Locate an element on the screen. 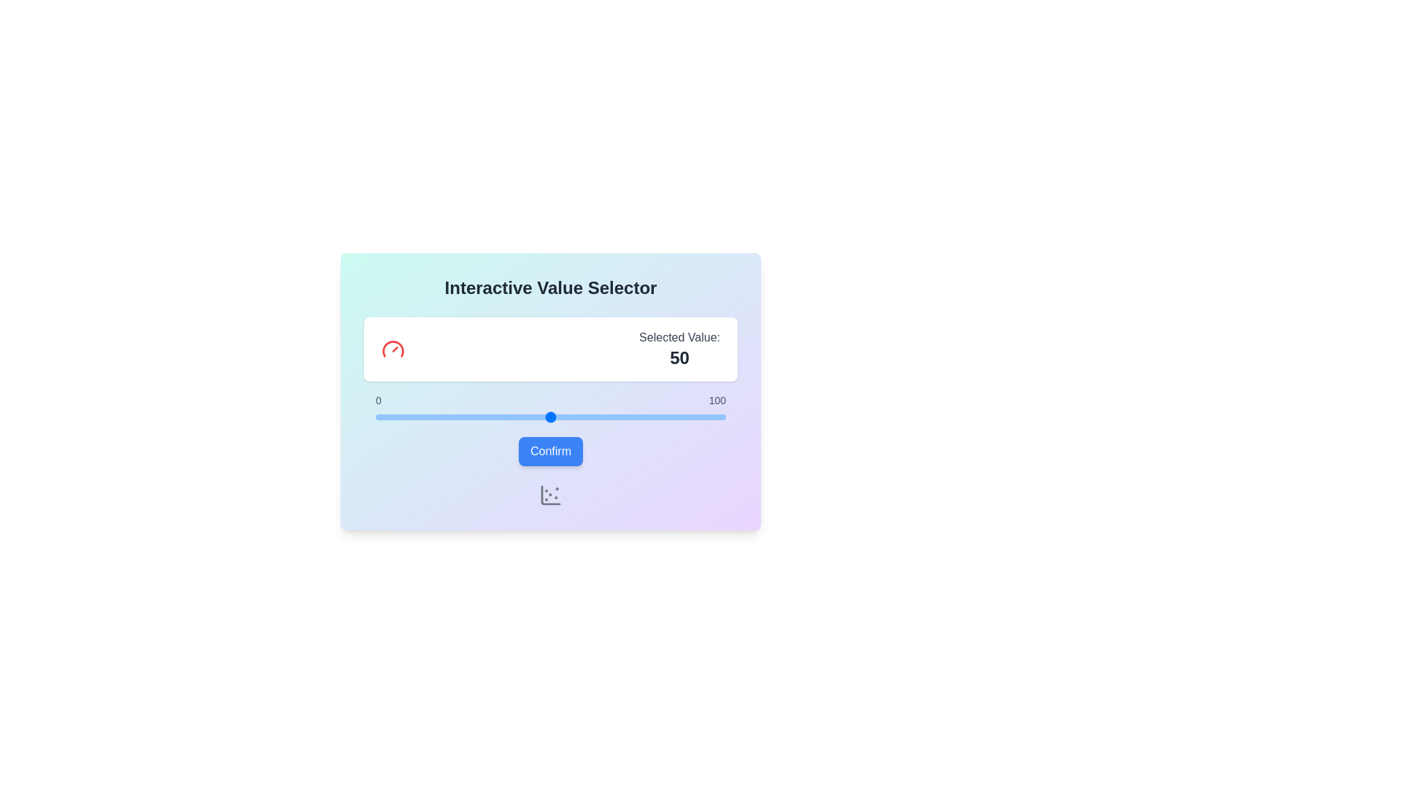  the slider to set the value to 50 is located at coordinates (549, 417).